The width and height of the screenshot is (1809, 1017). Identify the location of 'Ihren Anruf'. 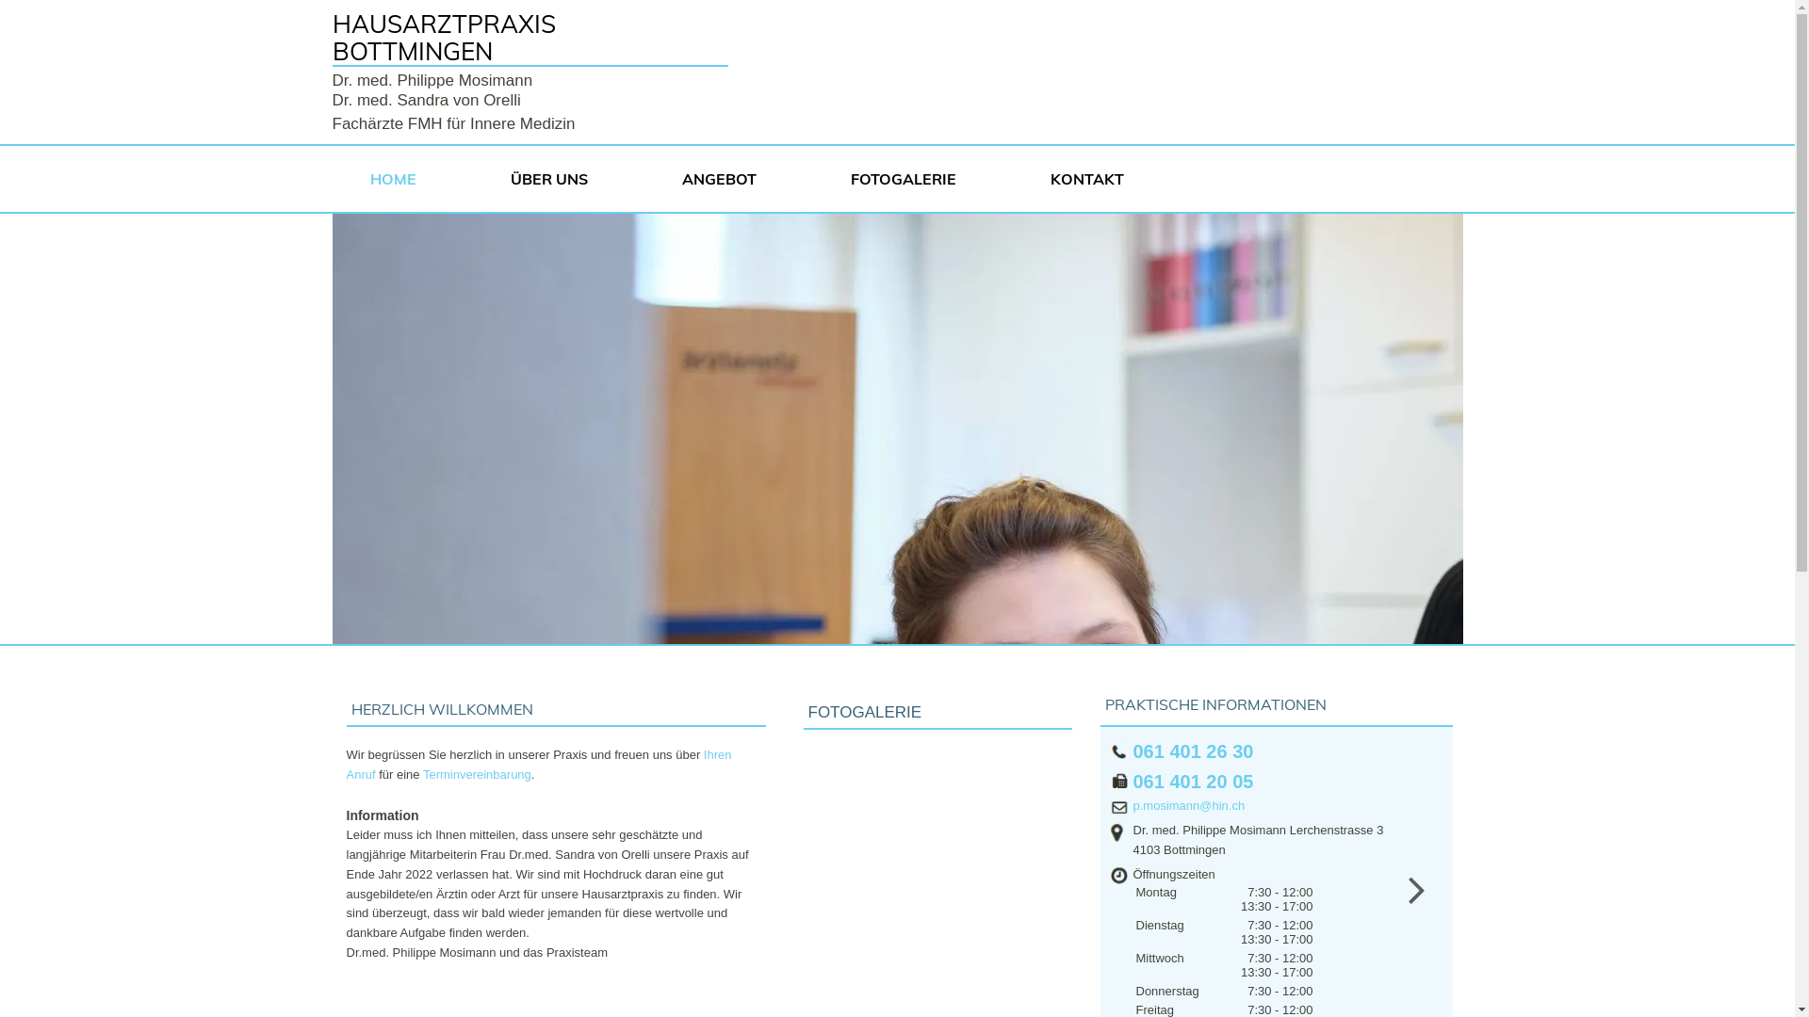
(538, 765).